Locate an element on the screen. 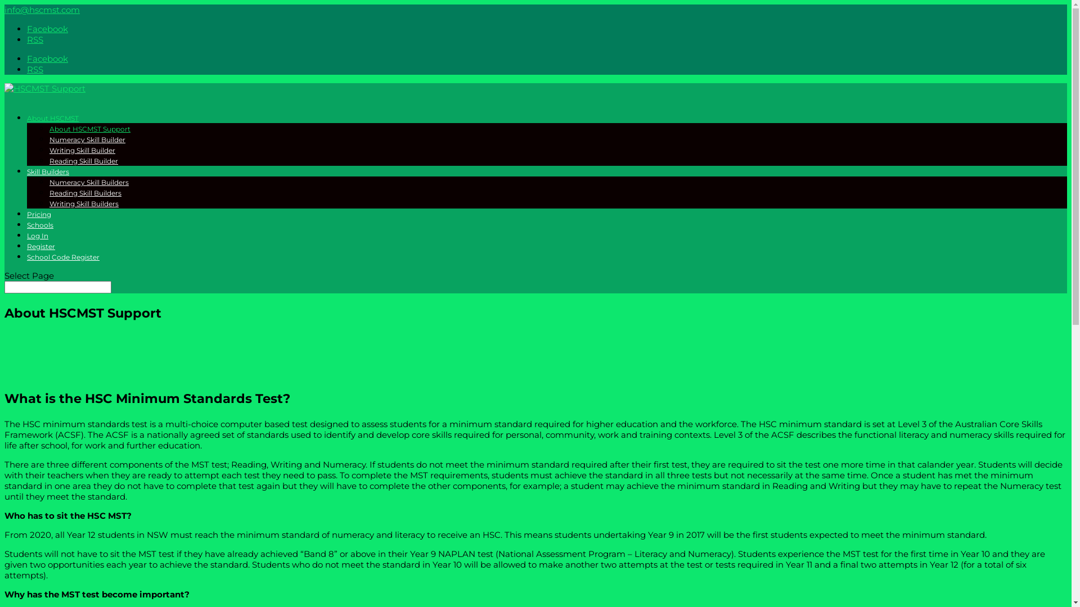  'Skill Builders' is located at coordinates (47, 176).